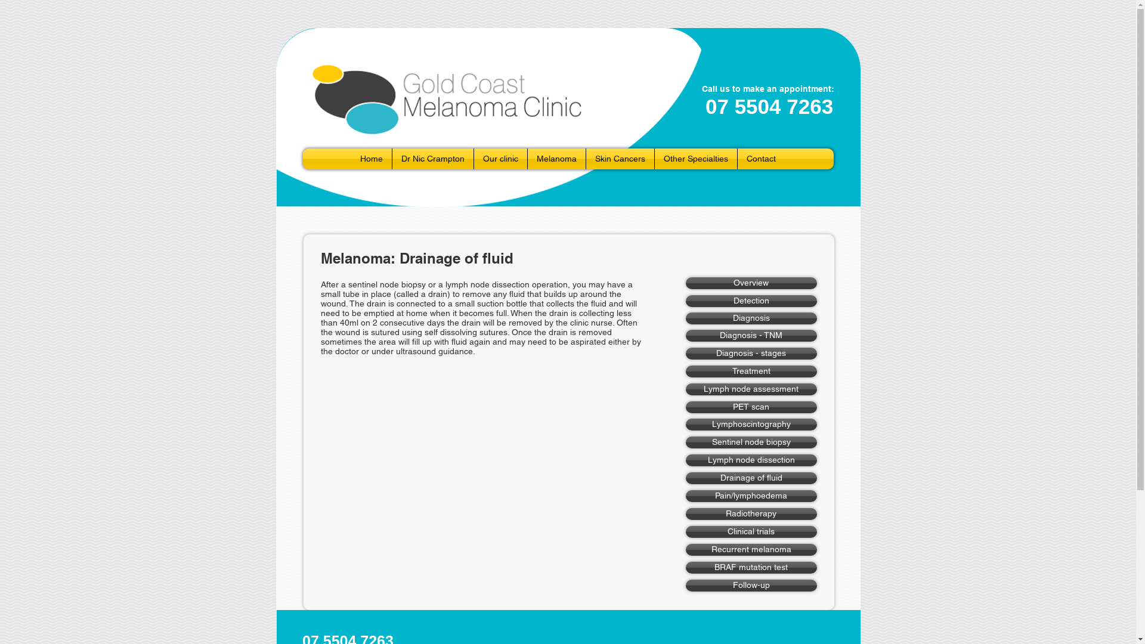 Image resolution: width=1145 pixels, height=644 pixels. What do you see at coordinates (750, 585) in the screenshot?
I see `'Follow-up'` at bounding box center [750, 585].